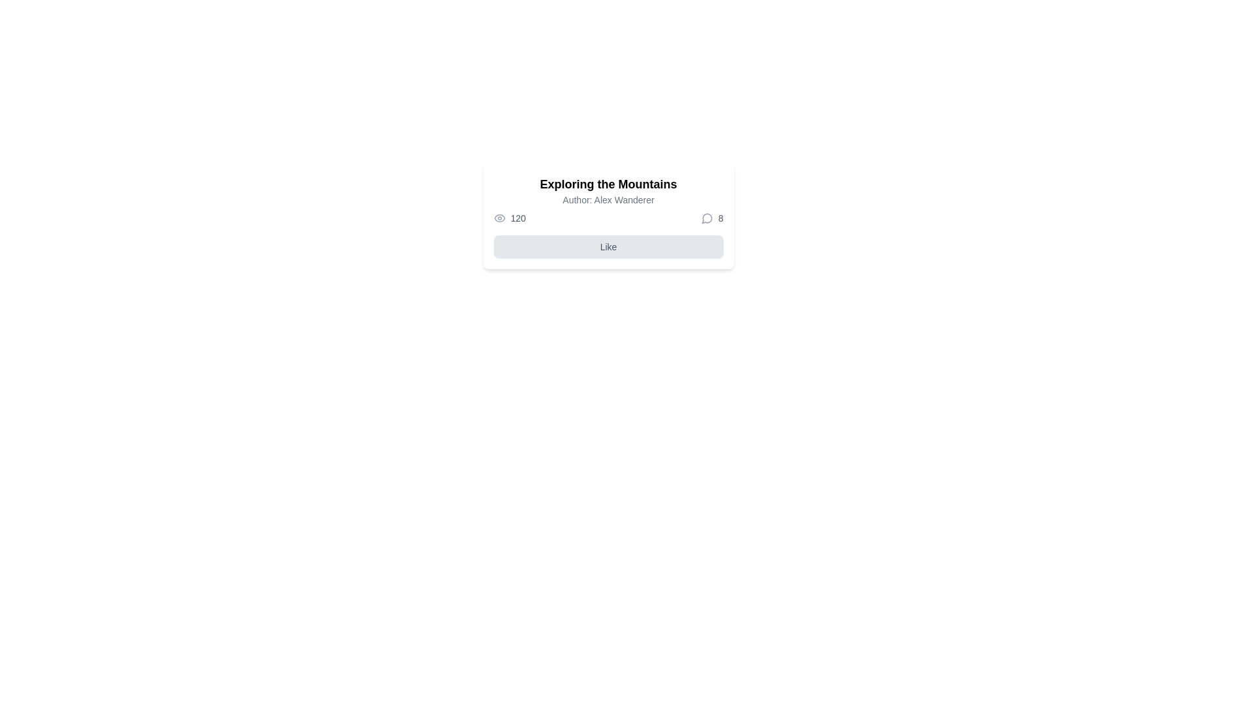 Image resolution: width=1253 pixels, height=704 pixels. What do you see at coordinates (706, 218) in the screenshot?
I see `the message icon located in the bottom-right portion of the 'Exploring the Mountains' card interface, which precedes the number '8'` at bounding box center [706, 218].